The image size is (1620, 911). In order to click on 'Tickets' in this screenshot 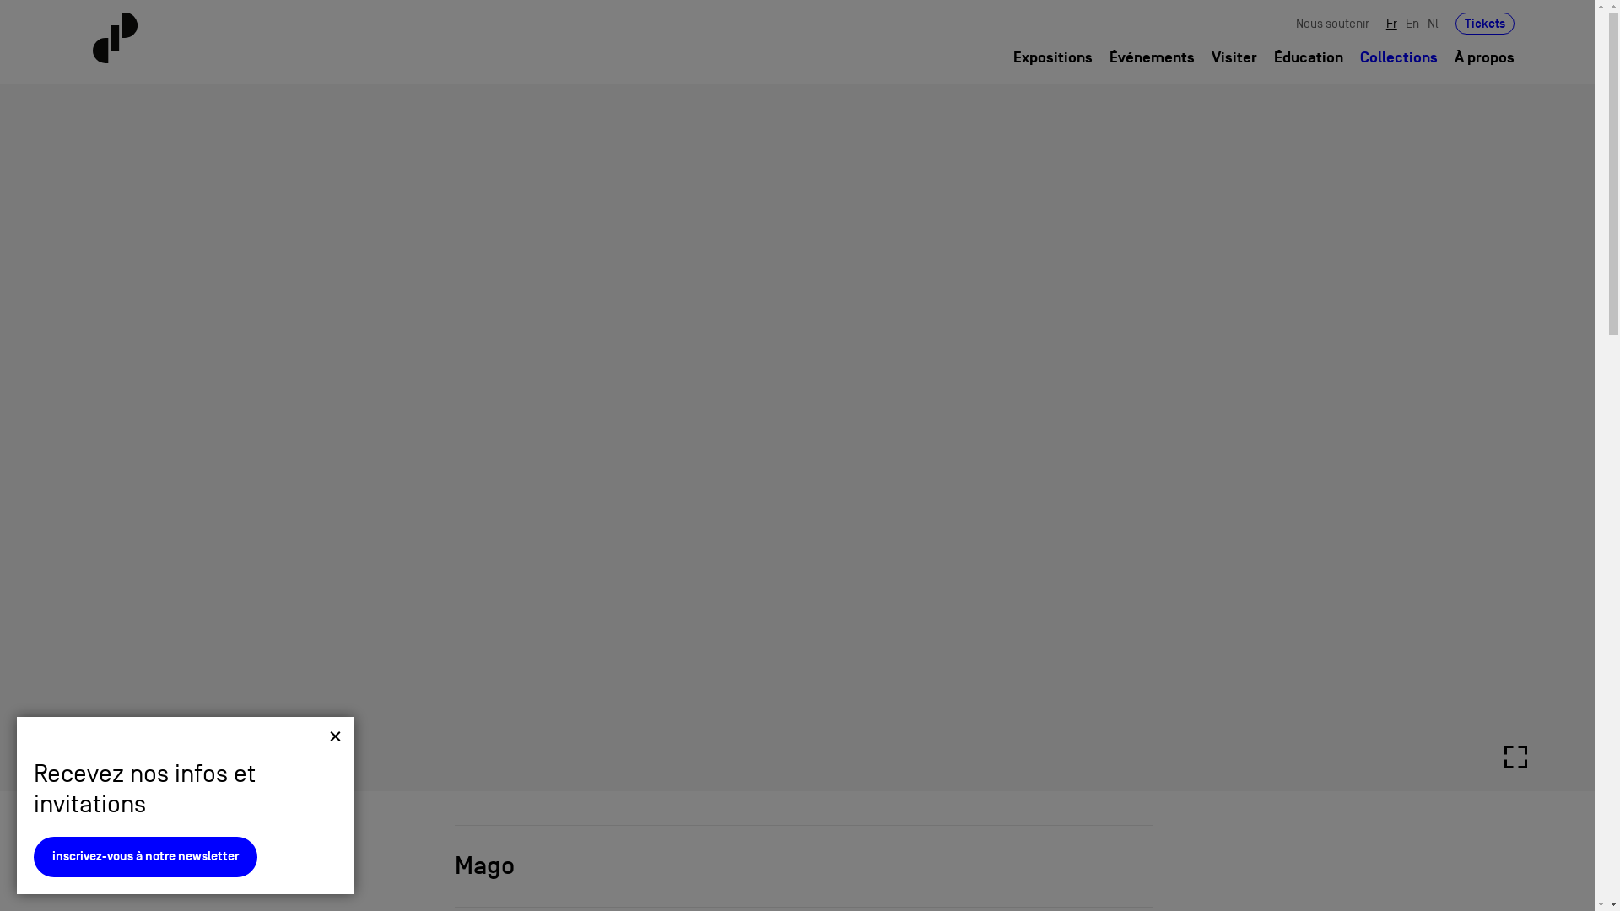, I will do `click(1485, 23)`.